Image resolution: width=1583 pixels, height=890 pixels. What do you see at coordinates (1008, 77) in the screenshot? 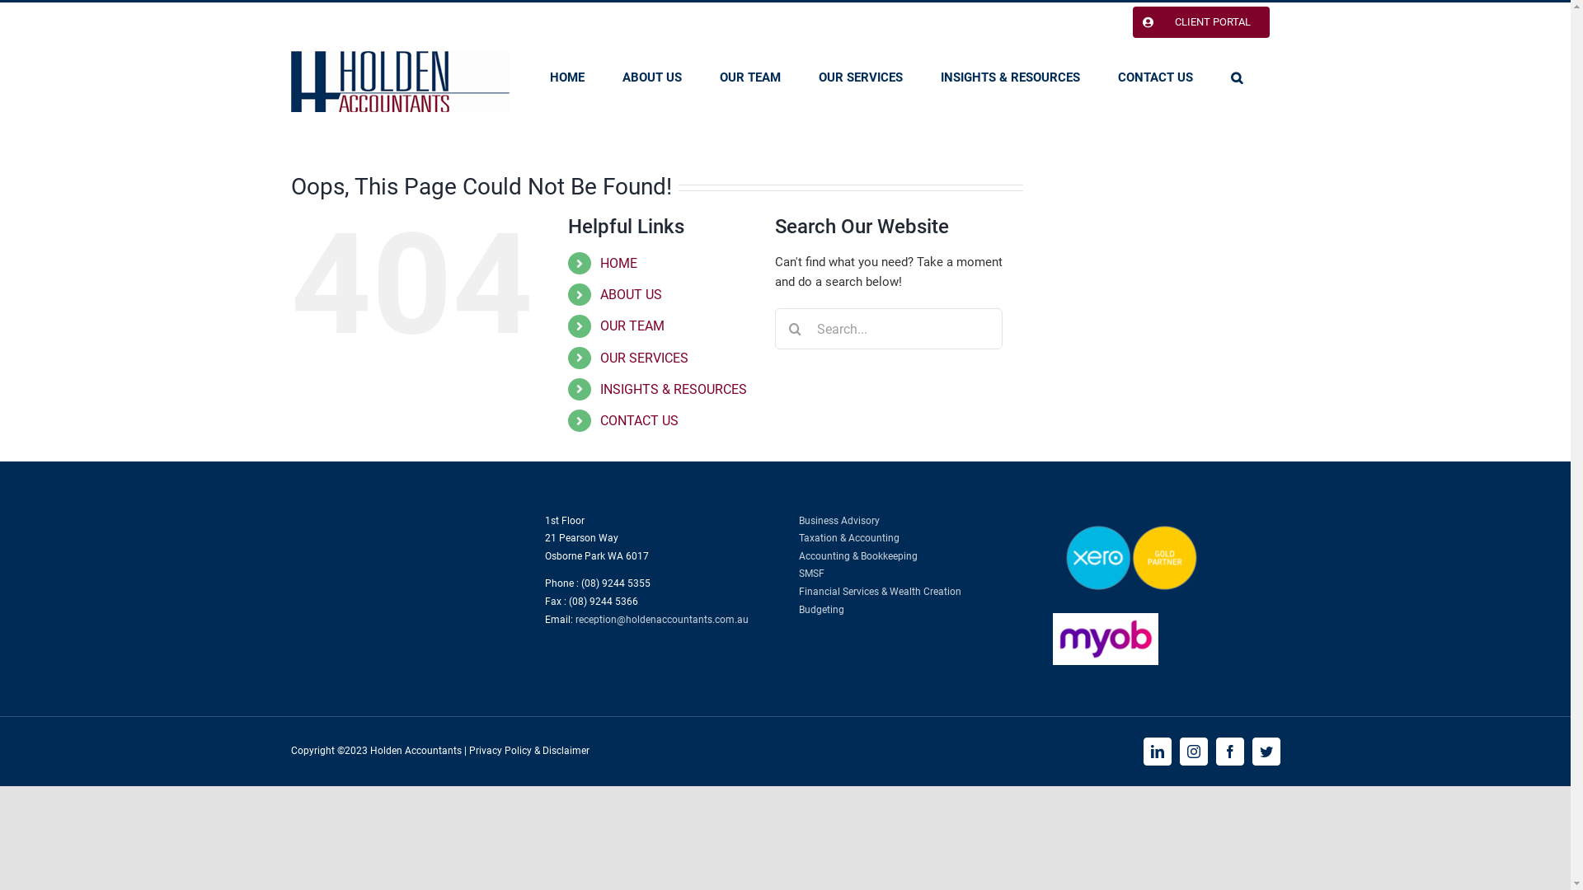
I see `'INSIGHTS & RESOURCES'` at bounding box center [1008, 77].